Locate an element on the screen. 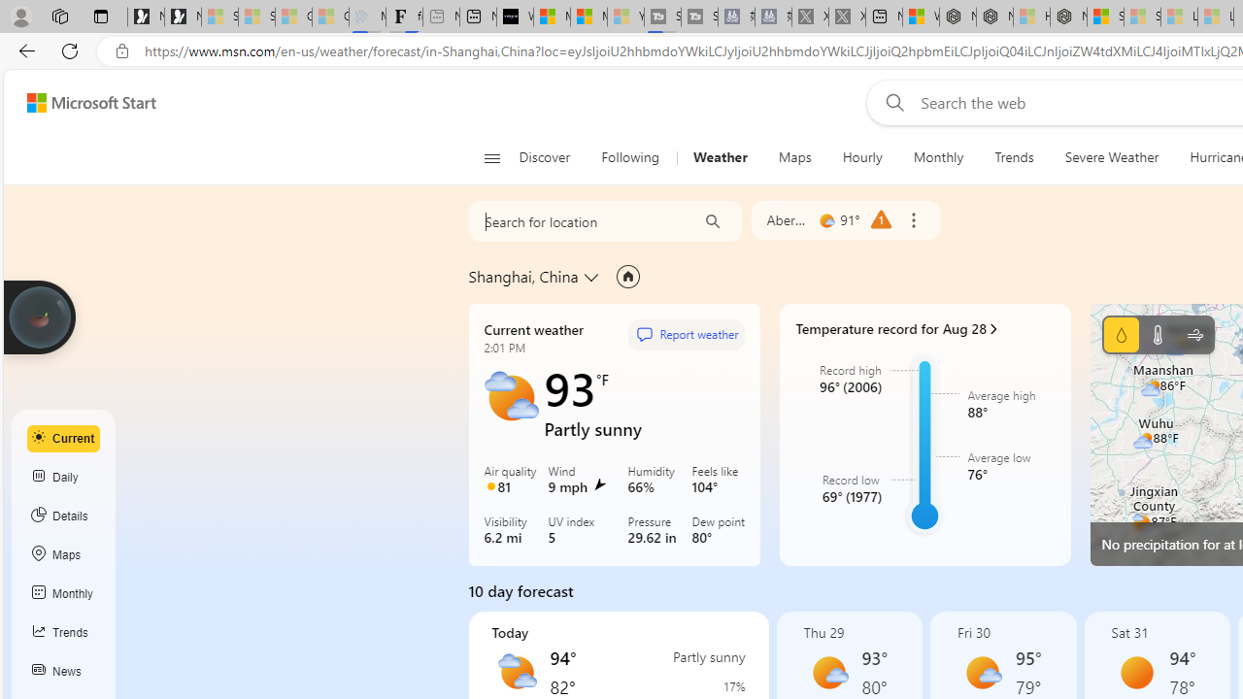 The height and width of the screenshot is (699, 1243). 'Trends' is located at coordinates (1013, 157).